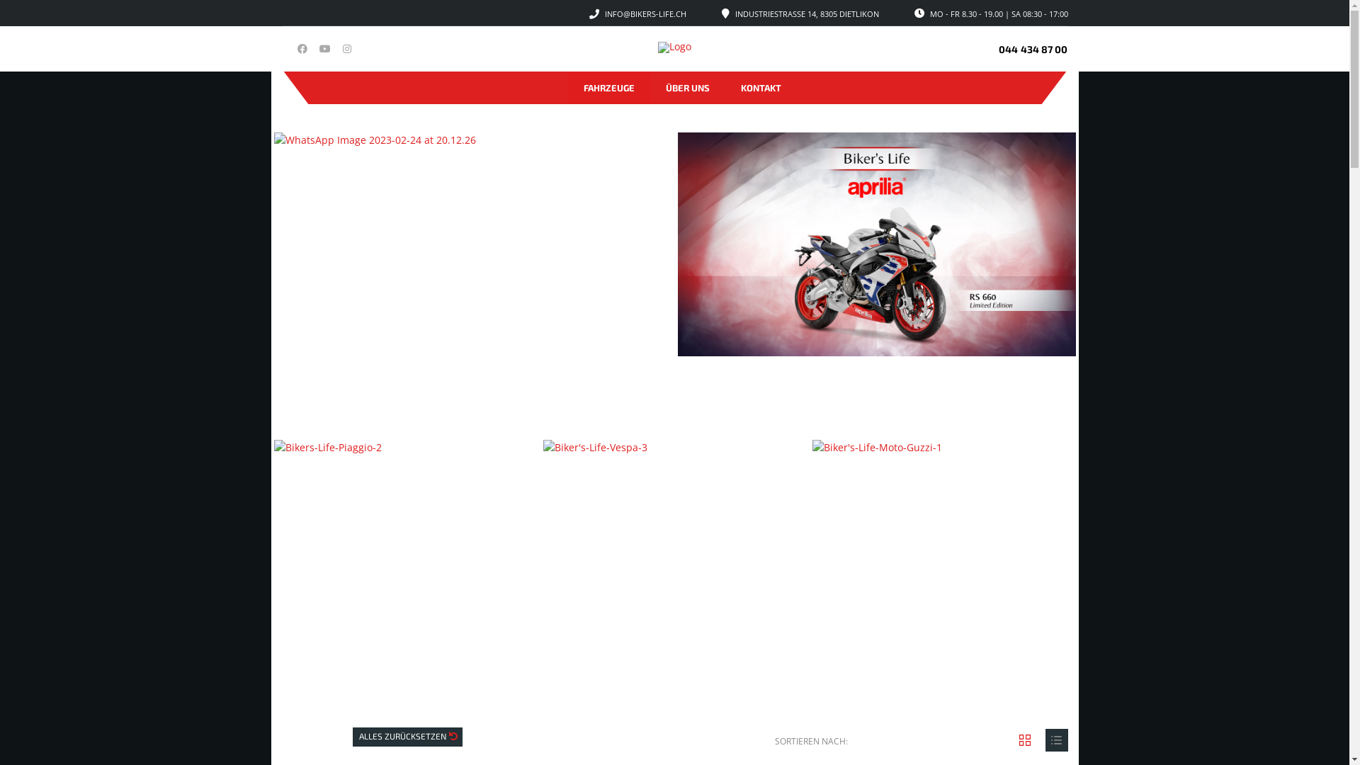 This screenshot has height=765, width=1360. What do you see at coordinates (998, 48) in the screenshot?
I see `'044 434 87 00'` at bounding box center [998, 48].